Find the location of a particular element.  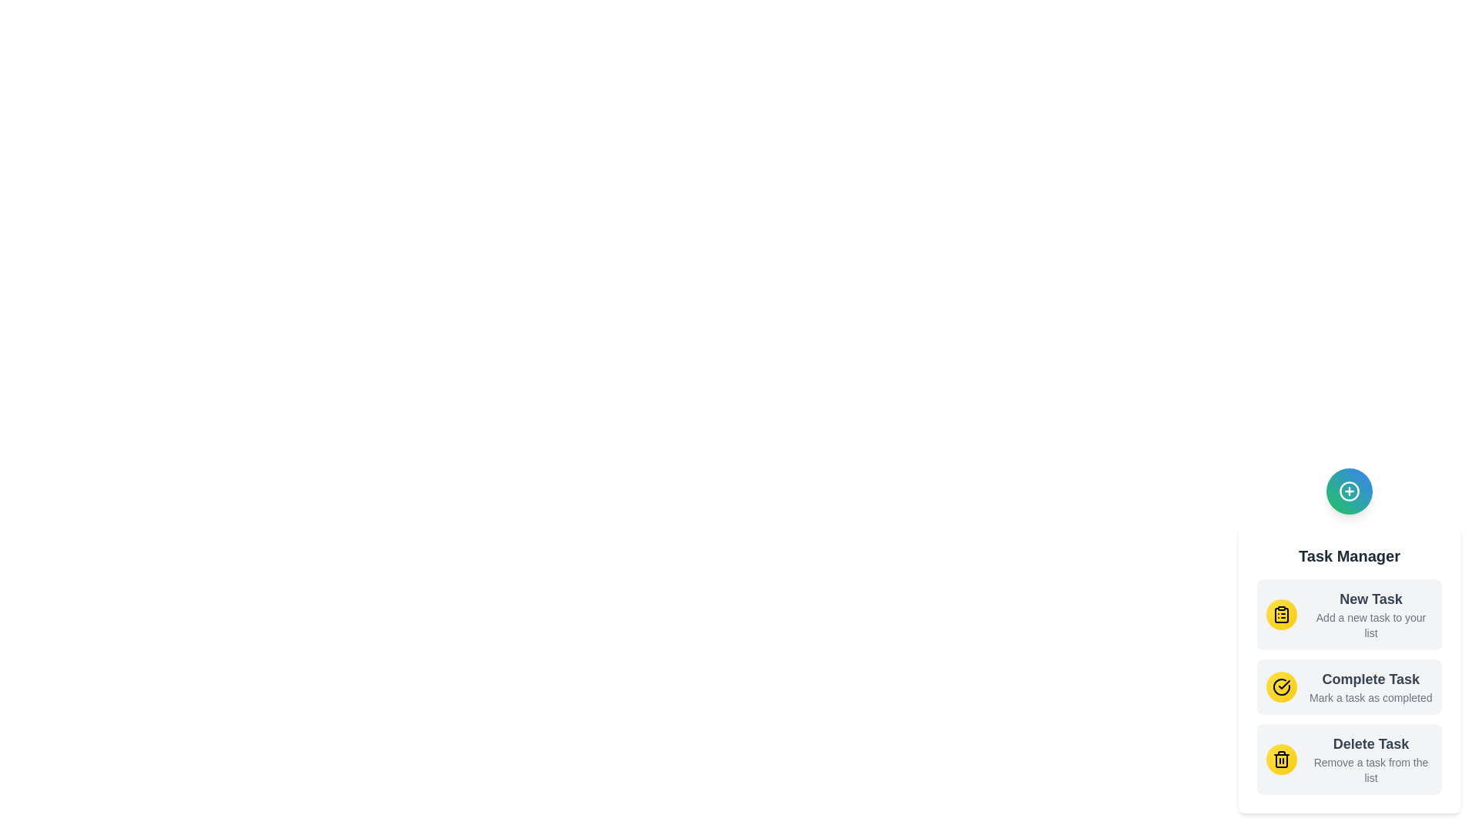

the speed dial button to toggle the menu is located at coordinates (1349, 491).